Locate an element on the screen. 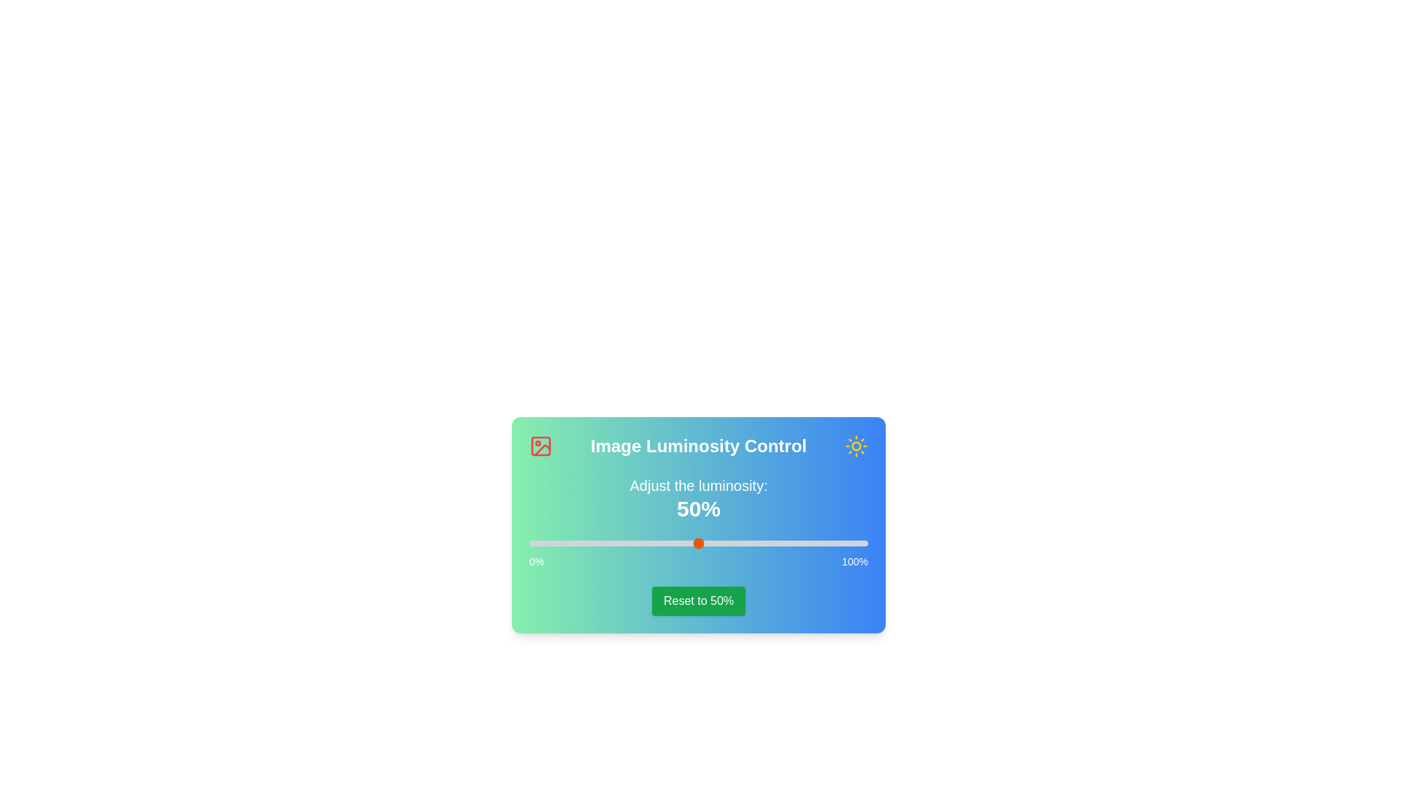 The height and width of the screenshot is (789, 1402). the luminosity slider to 43% is located at coordinates (674, 544).